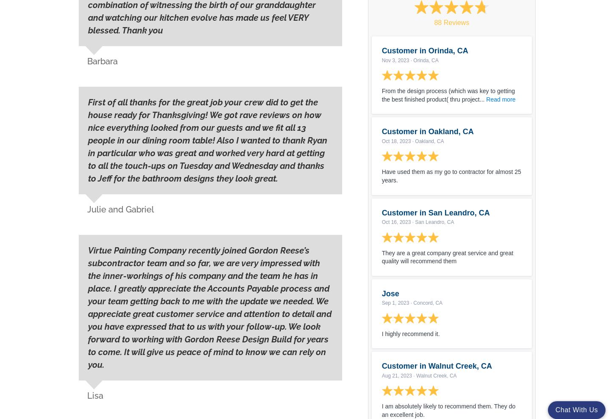  Describe the element at coordinates (448, 410) in the screenshot. I see `'I am absolutely likely to recommend them. They do an excellent job.'` at that location.